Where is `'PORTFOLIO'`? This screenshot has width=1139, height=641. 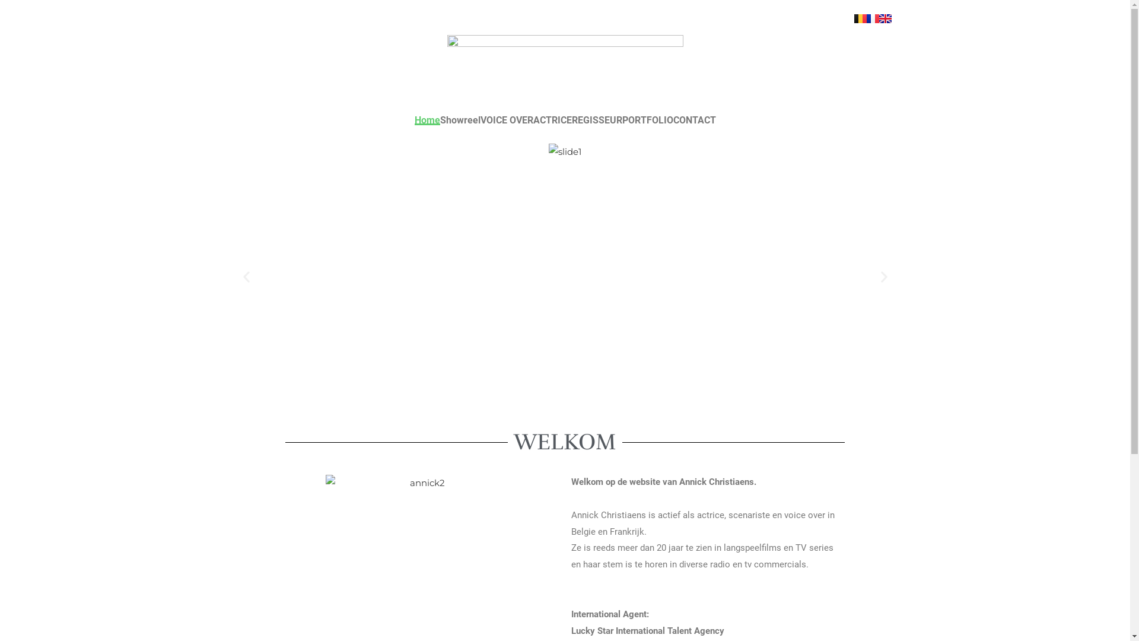 'PORTFOLIO' is located at coordinates (621, 120).